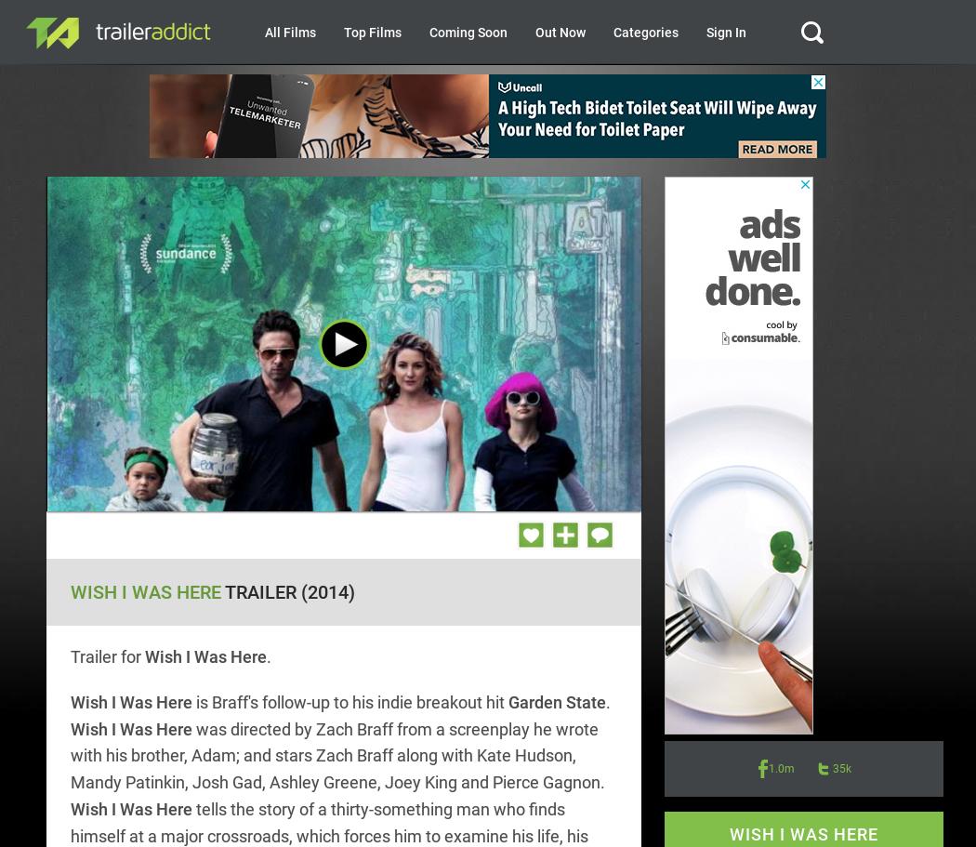 This screenshot has height=847, width=976. Describe the element at coordinates (244, 493) in the screenshot. I see `'/'` at that location.